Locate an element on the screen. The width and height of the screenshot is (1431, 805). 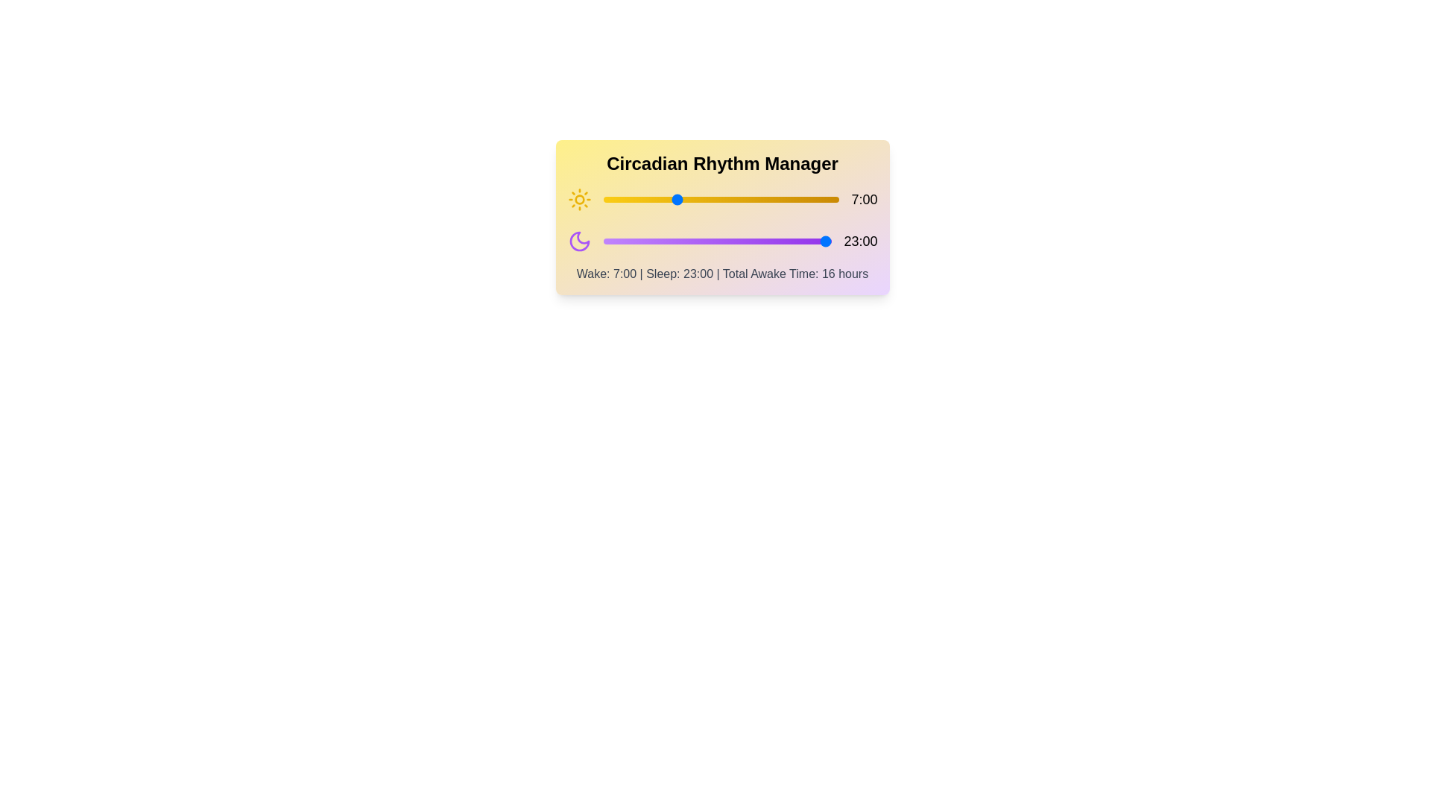
the wake time slider to 10 hours is located at coordinates (705, 198).